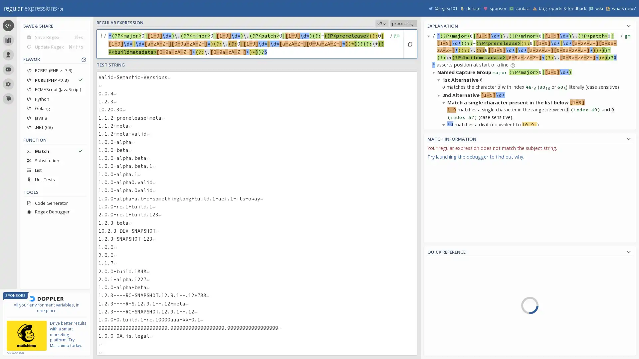 The height and width of the screenshot is (359, 639). What do you see at coordinates (458, 323) in the screenshot?
I see `Quantifiers` at bounding box center [458, 323].